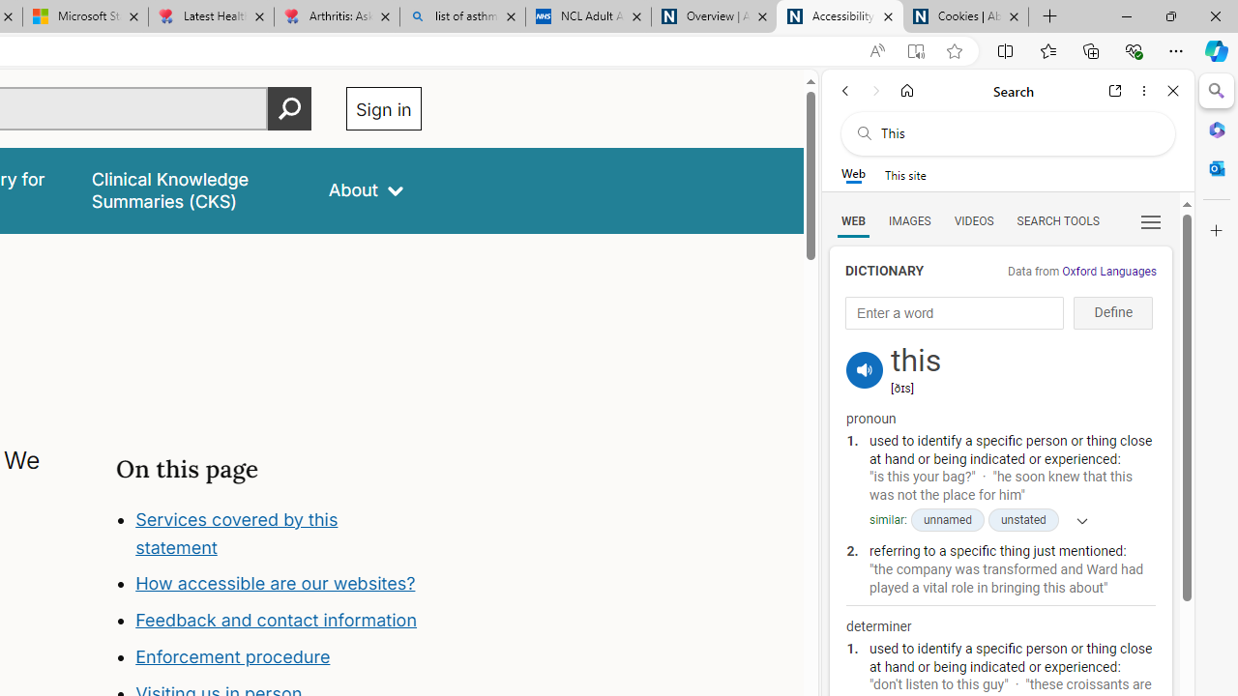  I want to click on 'Enforcement procedure', so click(232, 656).